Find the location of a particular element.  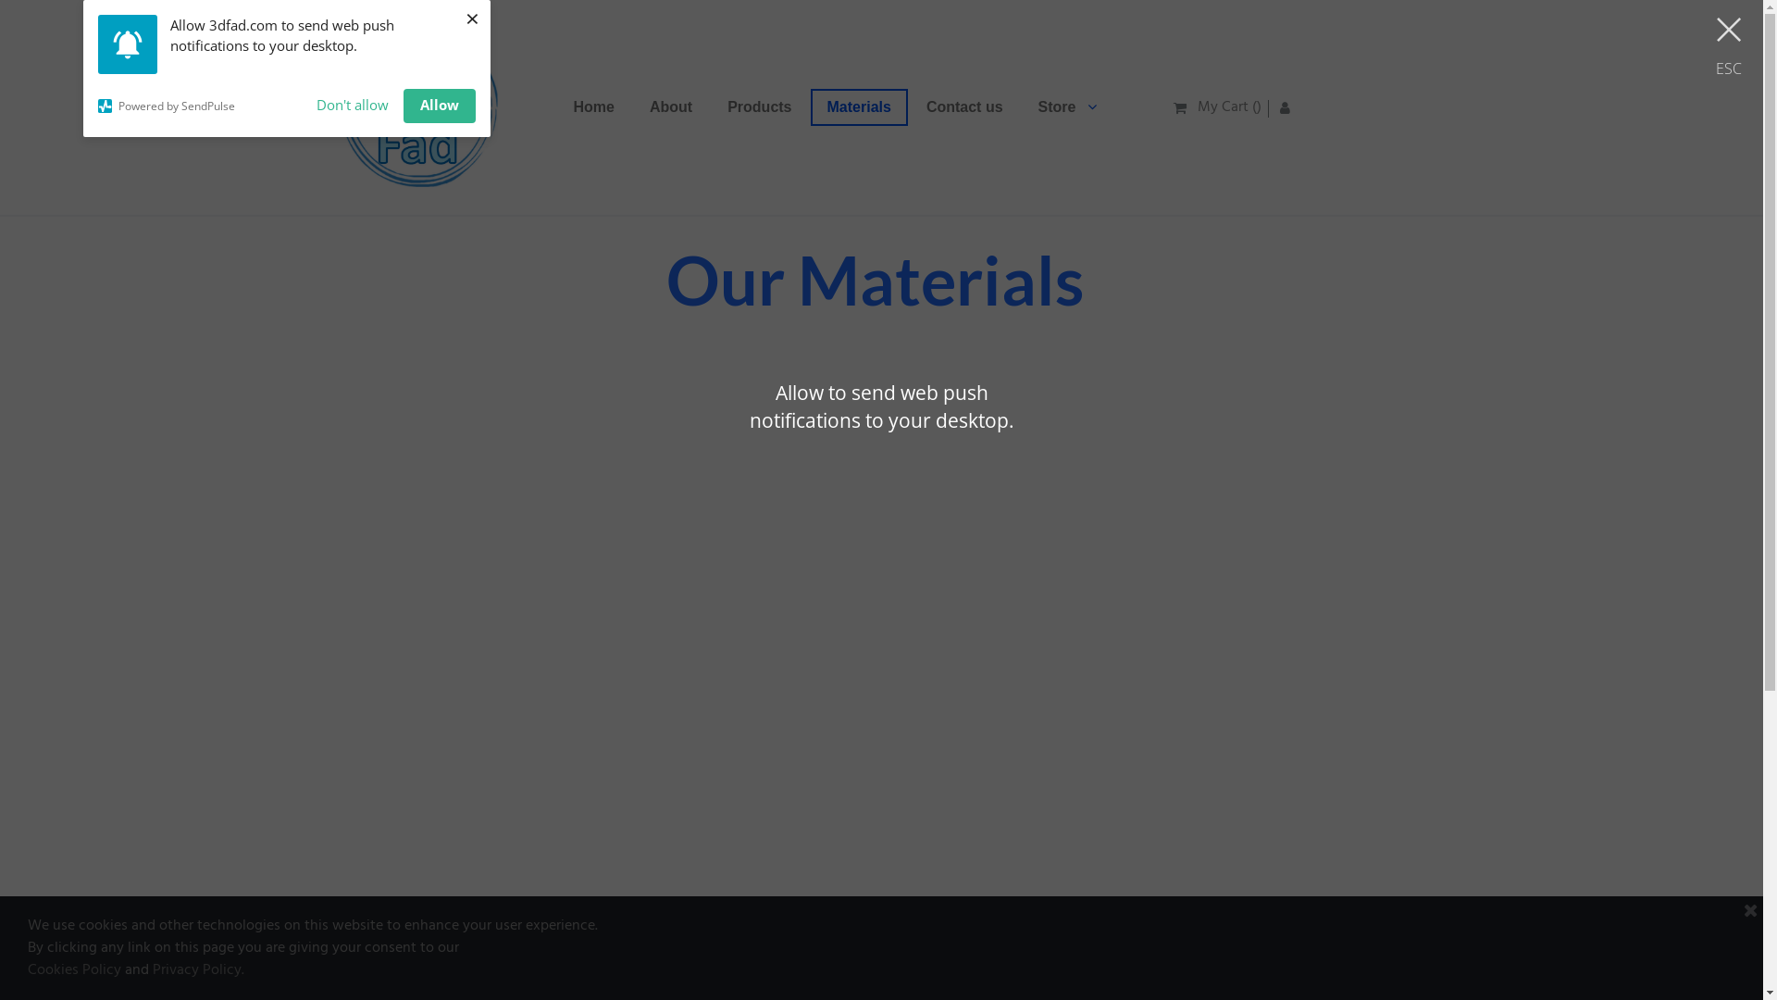

'Contact us' is located at coordinates (910, 106).